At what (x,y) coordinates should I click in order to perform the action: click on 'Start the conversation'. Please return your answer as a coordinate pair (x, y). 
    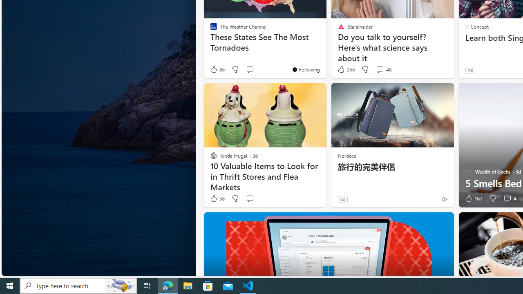
    Looking at the image, I should click on (249, 198).